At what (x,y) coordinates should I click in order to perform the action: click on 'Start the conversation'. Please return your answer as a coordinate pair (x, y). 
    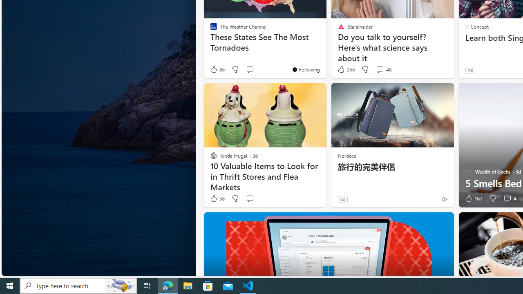
    Looking at the image, I should click on (249, 198).